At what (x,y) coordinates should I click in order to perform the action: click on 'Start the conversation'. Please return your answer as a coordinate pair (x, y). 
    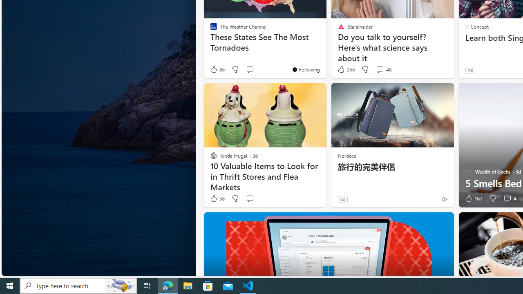
    Looking at the image, I should click on (249, 198).